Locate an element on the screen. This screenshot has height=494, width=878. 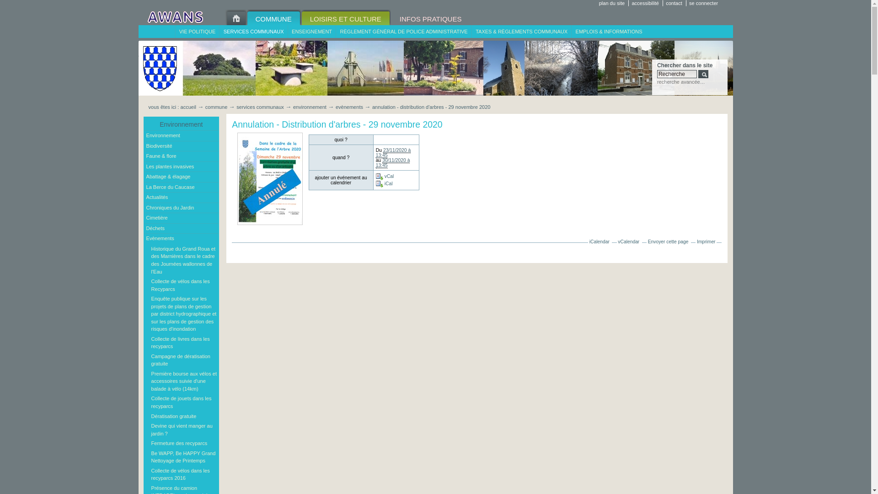
'Fermeture des recyparcs' is located at coordinates (183, 443).